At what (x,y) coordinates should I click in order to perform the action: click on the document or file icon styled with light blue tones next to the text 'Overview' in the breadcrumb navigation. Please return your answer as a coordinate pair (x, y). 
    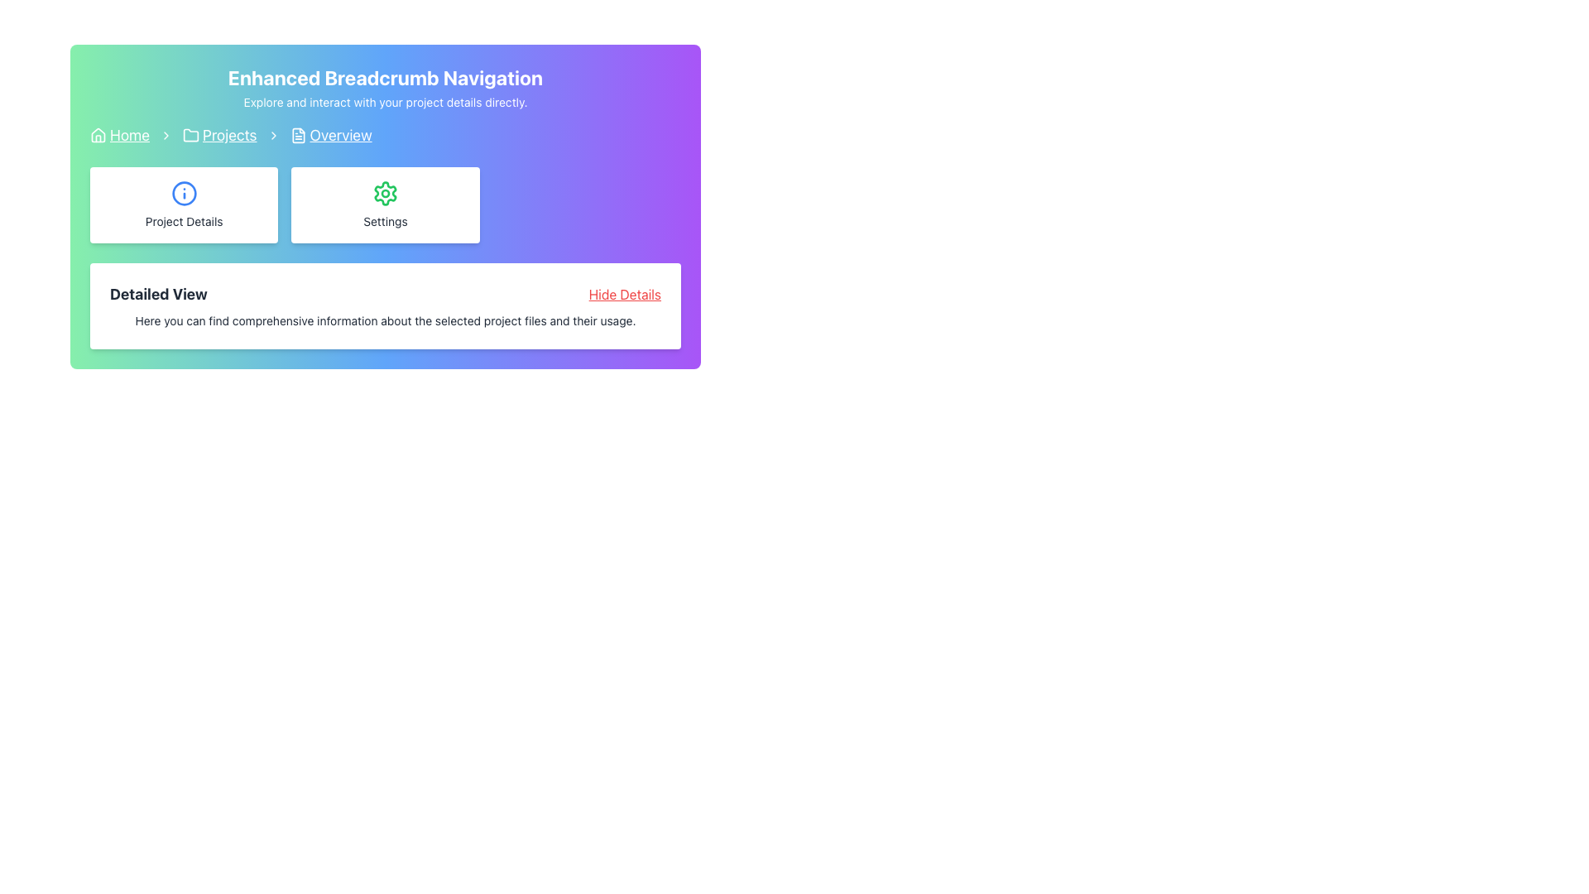
    Looking at the image, I should click on (298, 135).